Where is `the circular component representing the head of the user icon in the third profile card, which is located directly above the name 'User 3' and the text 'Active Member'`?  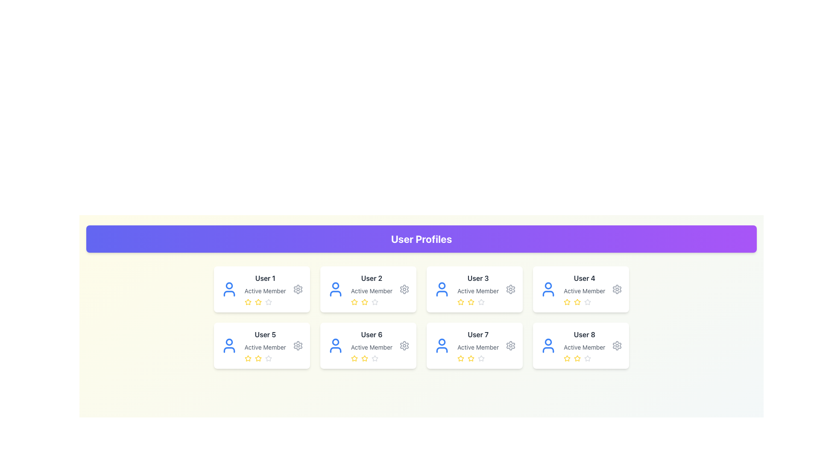
the circular component representing the head of the user icon in the third profile card, which is located directly above the name 'User 3' and the text 'Active Member' is located at coordinates (442, 285).